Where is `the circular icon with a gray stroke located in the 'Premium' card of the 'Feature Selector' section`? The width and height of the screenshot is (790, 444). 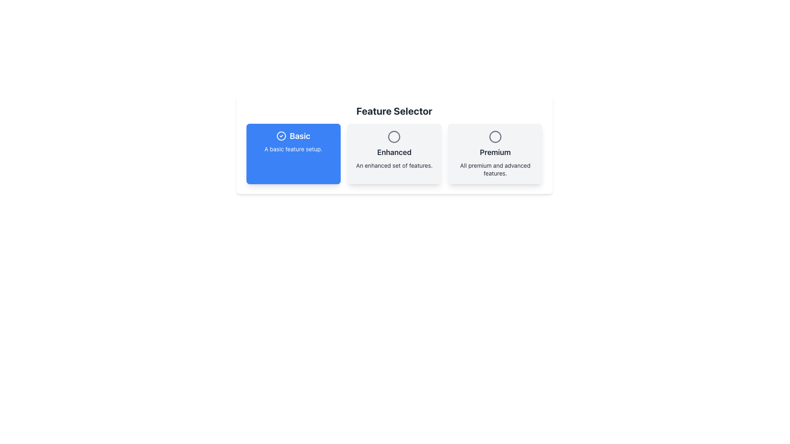 the circular icon with a gray stroke located in the 'Premium' card of the 'Feature Selector' section is located at coordinates (495, 136).